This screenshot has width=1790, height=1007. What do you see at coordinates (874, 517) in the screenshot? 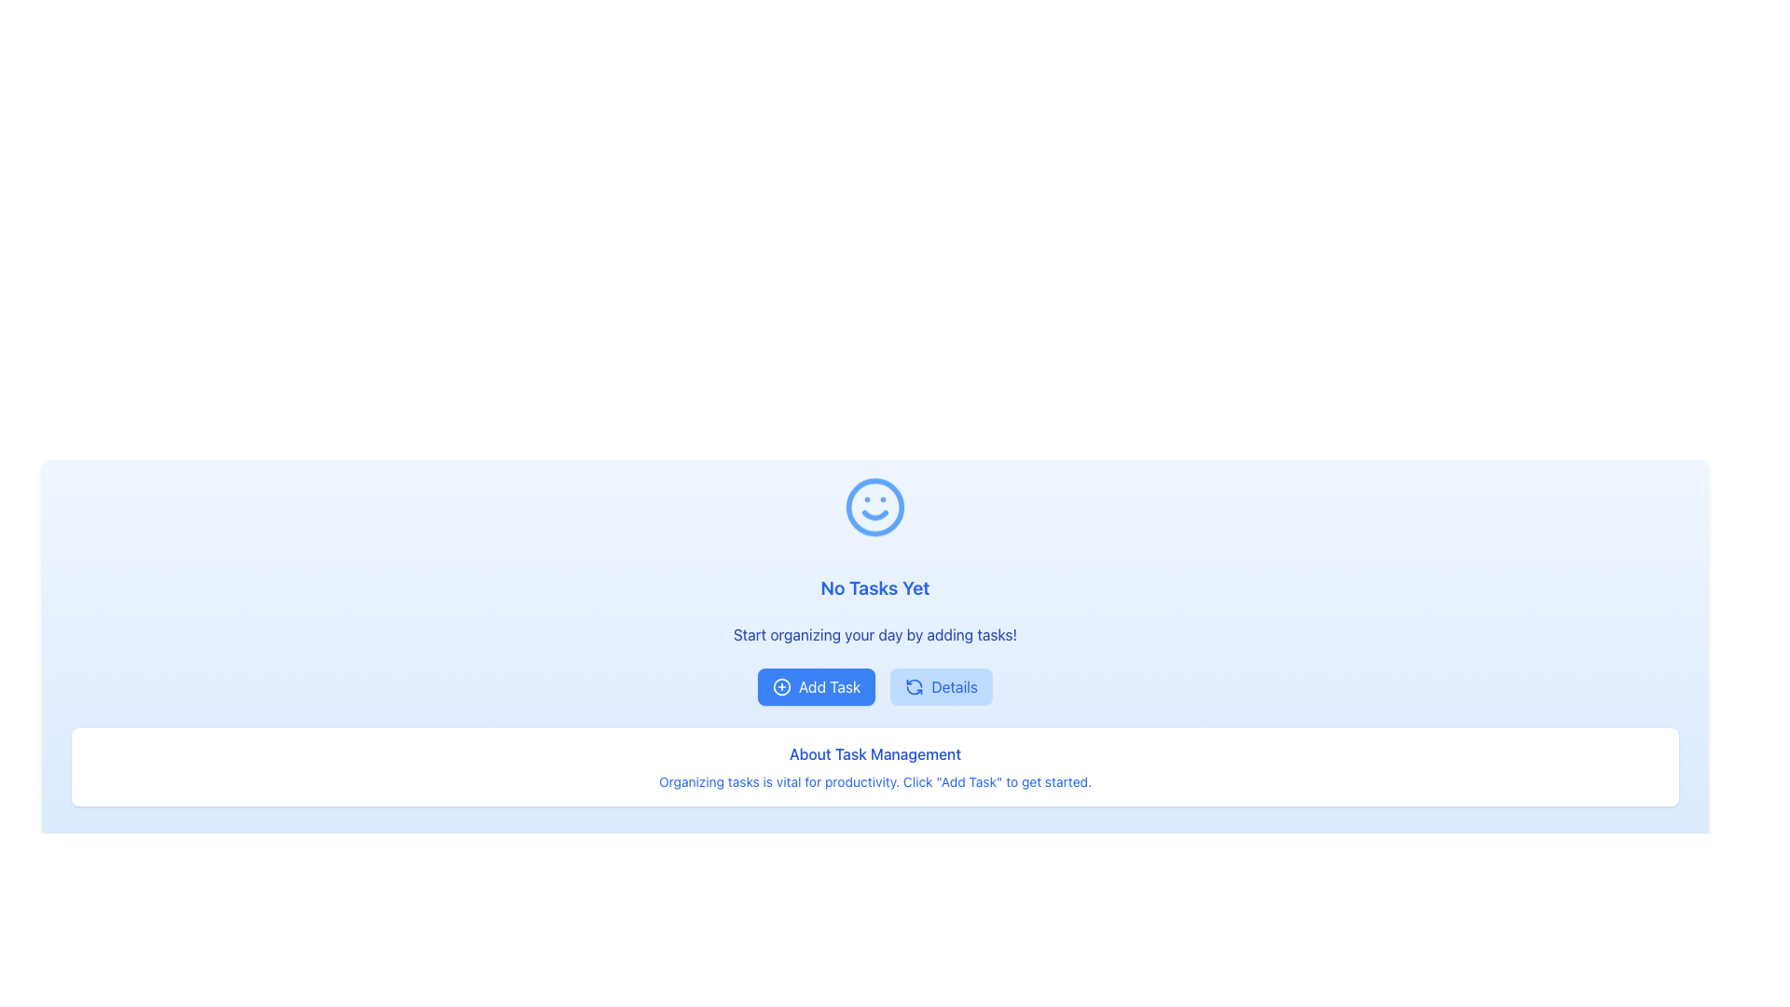
I see `details of the circular SVG element that forms the outline of a smiling face, located at the center of the graphical representation` at bounding box center [874, 517].